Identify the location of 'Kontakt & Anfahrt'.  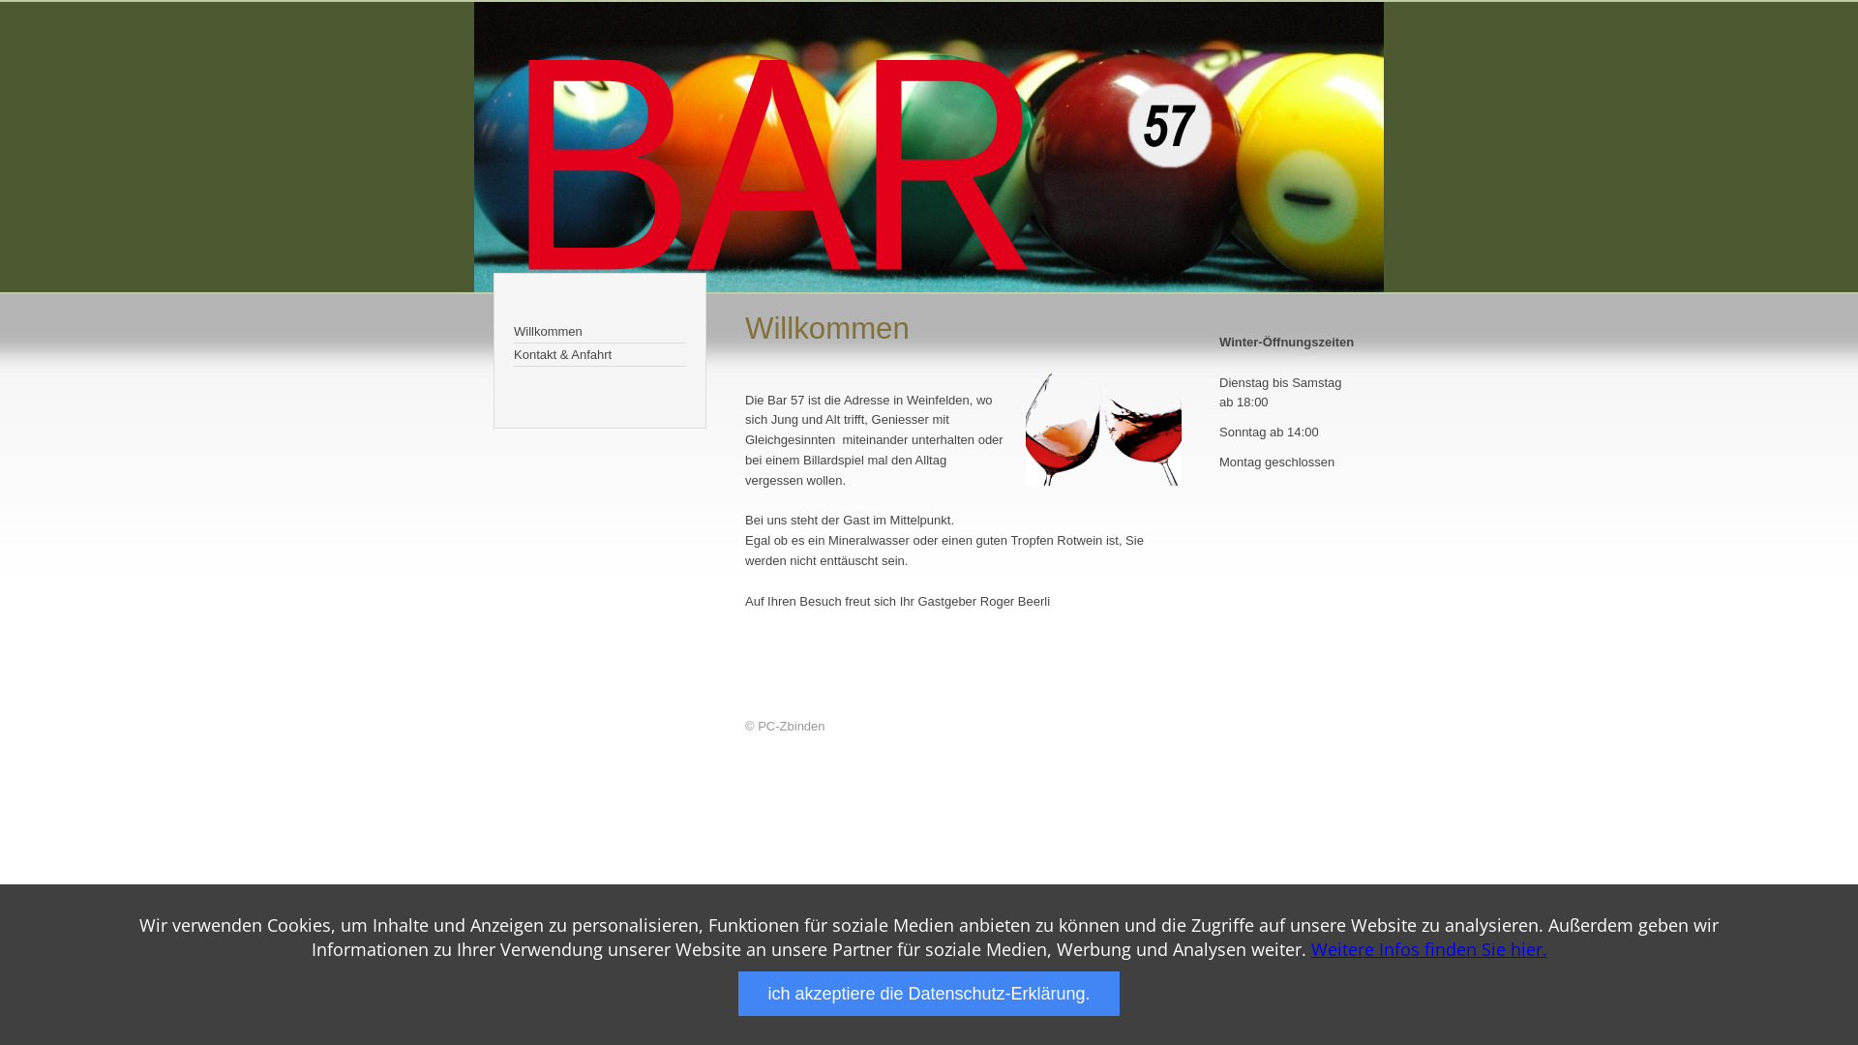
(598, 354).